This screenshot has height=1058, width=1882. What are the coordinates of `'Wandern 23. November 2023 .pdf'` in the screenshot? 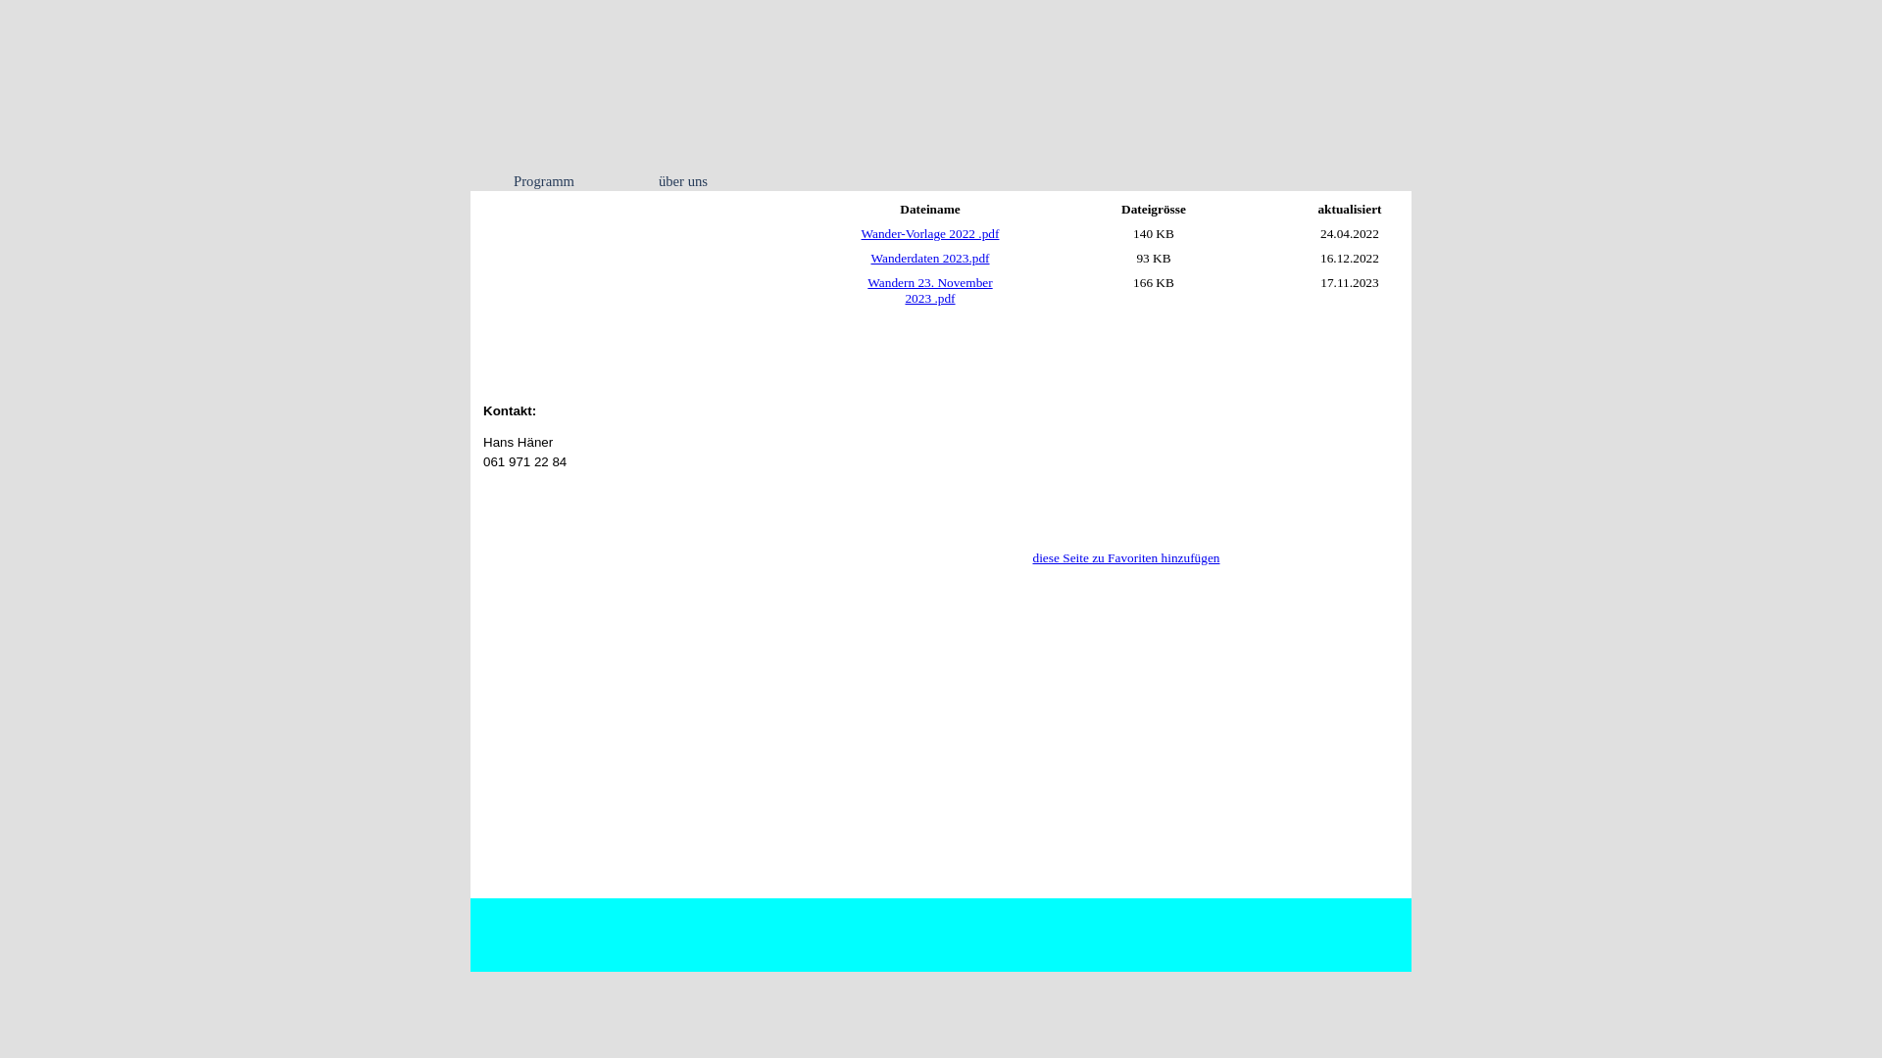 It's located at (928, 290).